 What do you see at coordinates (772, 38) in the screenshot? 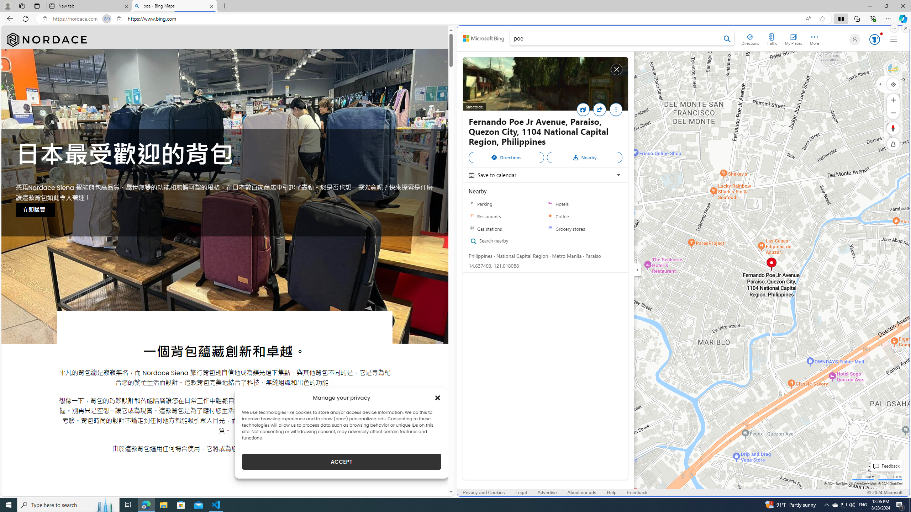
I see `'Traffic'` at bounding box center [772, 38].